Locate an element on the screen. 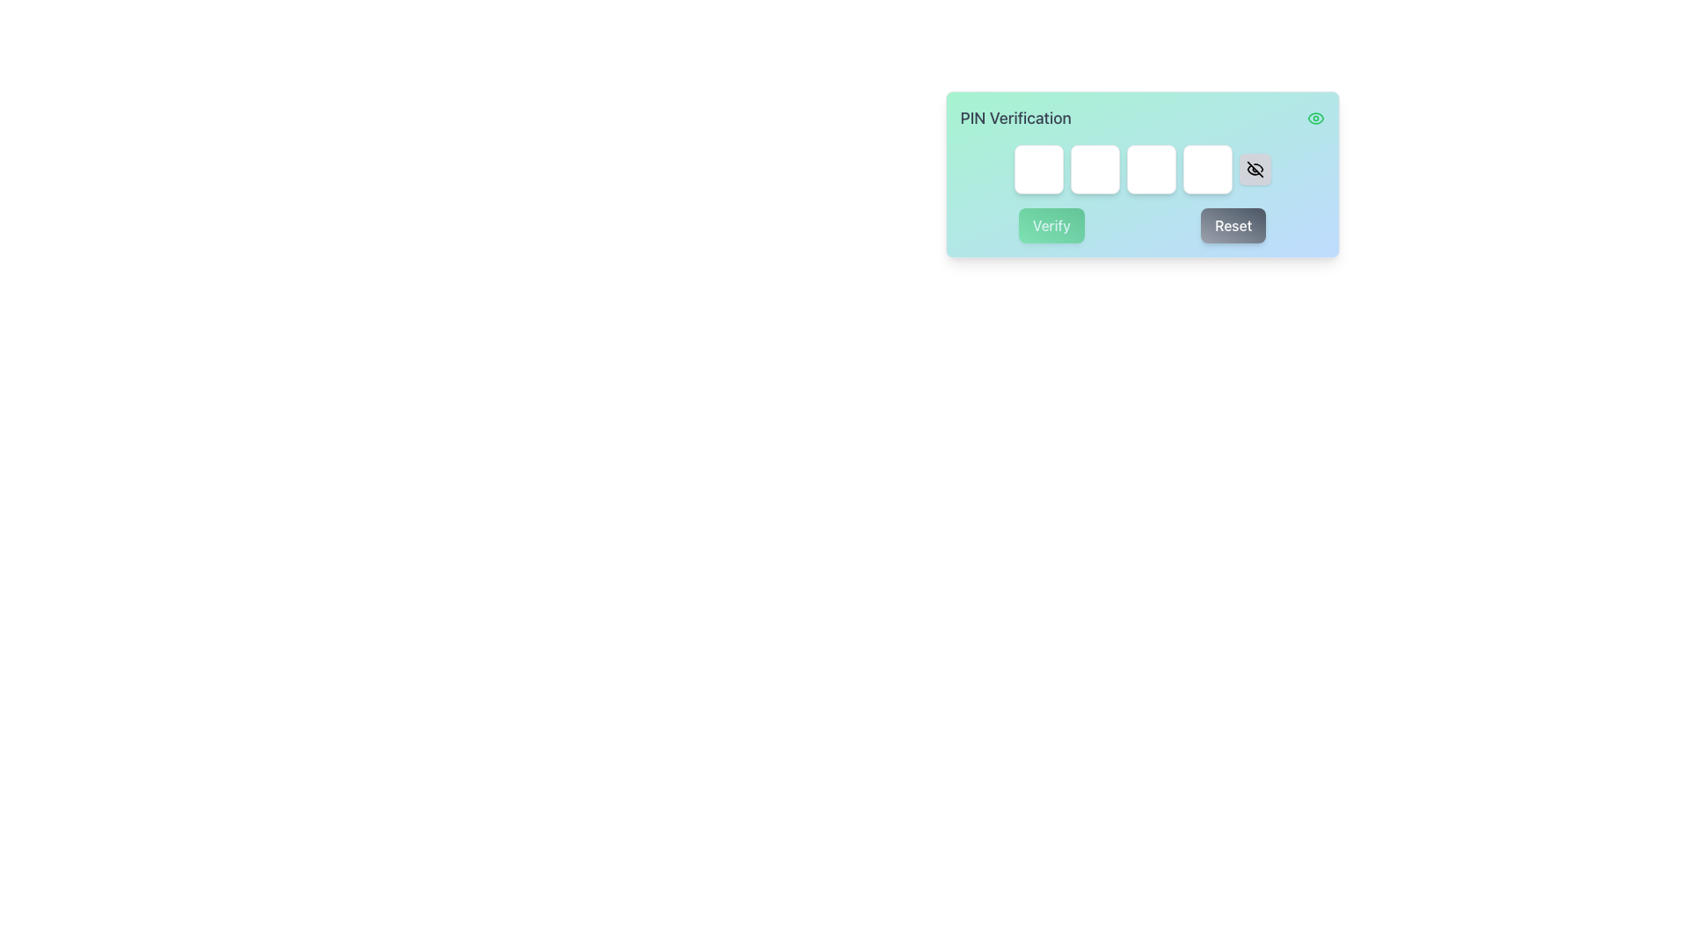 The image size is (1688, 949). the eye icon located at the top-right of the PIN Verification section is located at coordinates (1315, 119).